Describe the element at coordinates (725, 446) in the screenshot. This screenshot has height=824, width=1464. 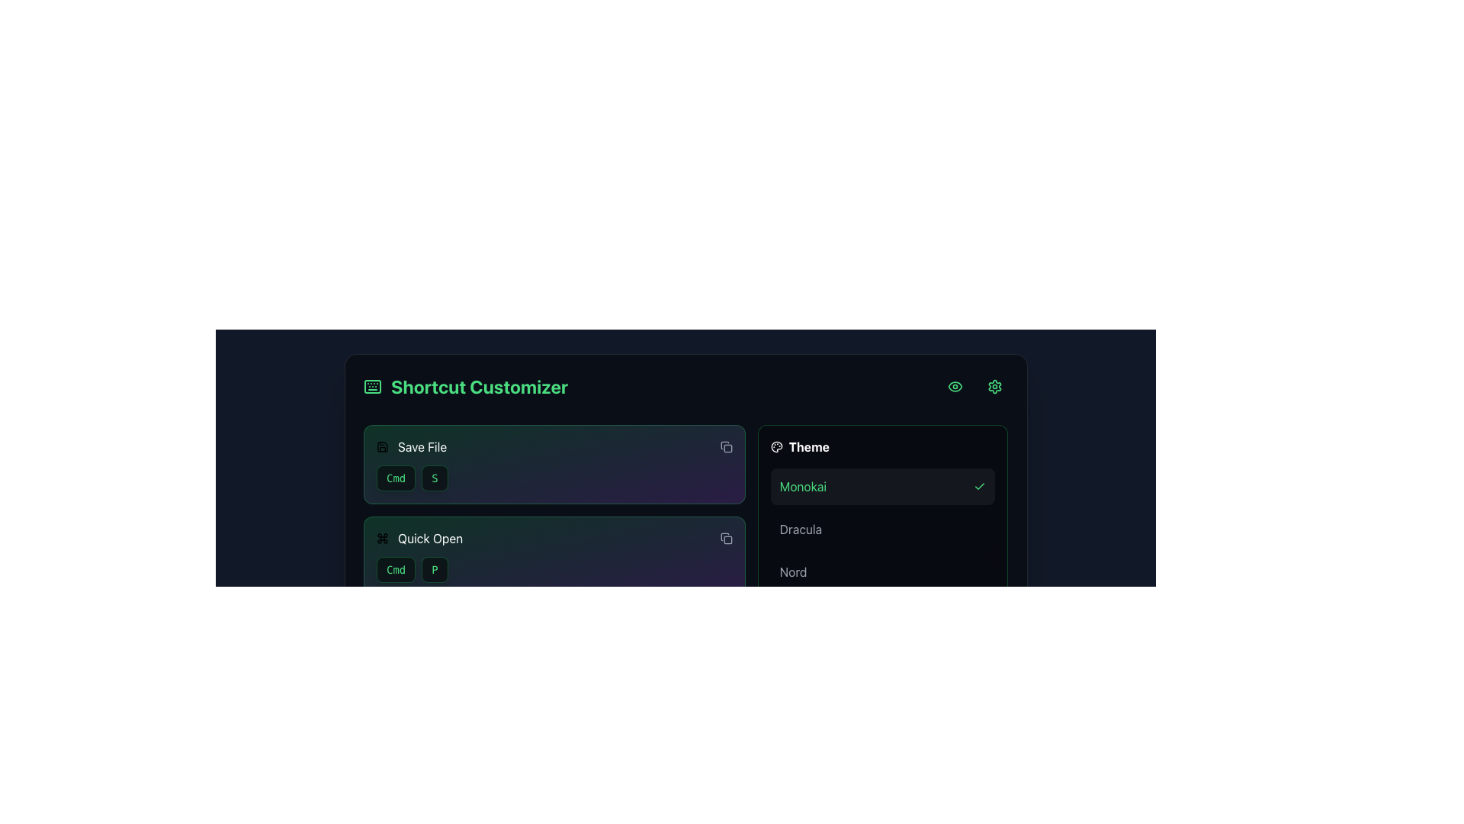
I see `the interactive icon representing overlapping squares located at the right end of the 'Save File' row in the 'Shortcut Customizer' section to observe its styling changes` at that location.